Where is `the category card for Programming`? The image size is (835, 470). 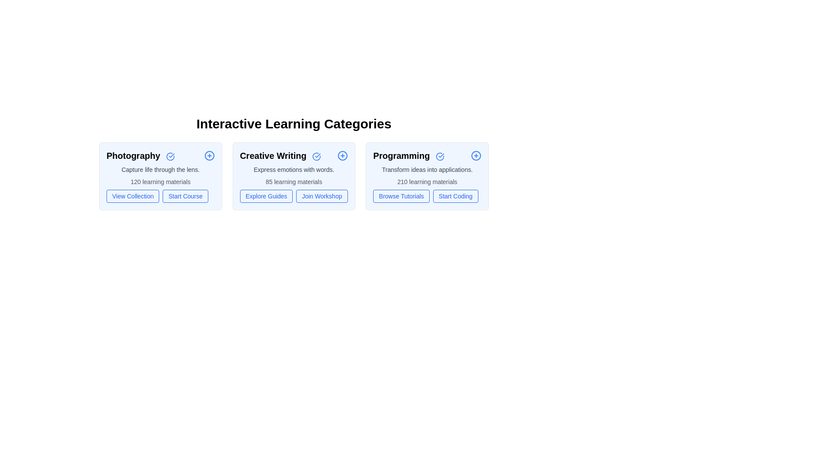 the category card for Programming is located at coordinates (428, 176).